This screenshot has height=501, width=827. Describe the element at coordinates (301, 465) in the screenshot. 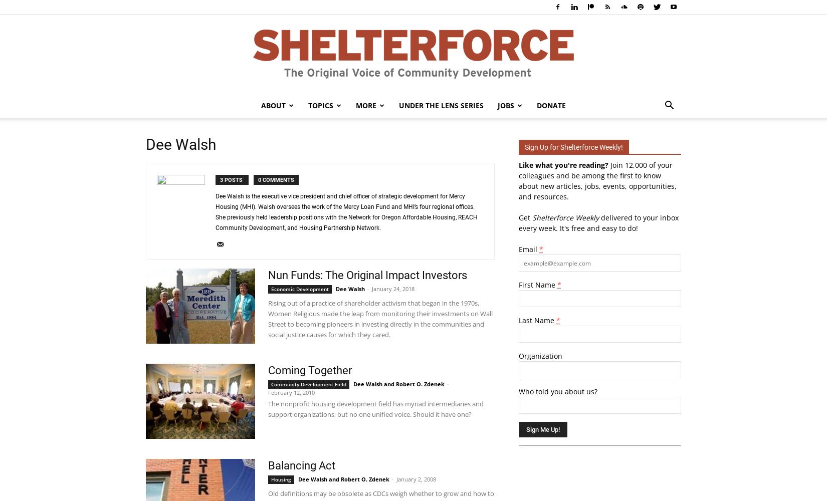

I see `'Balancing Act'` at that location.